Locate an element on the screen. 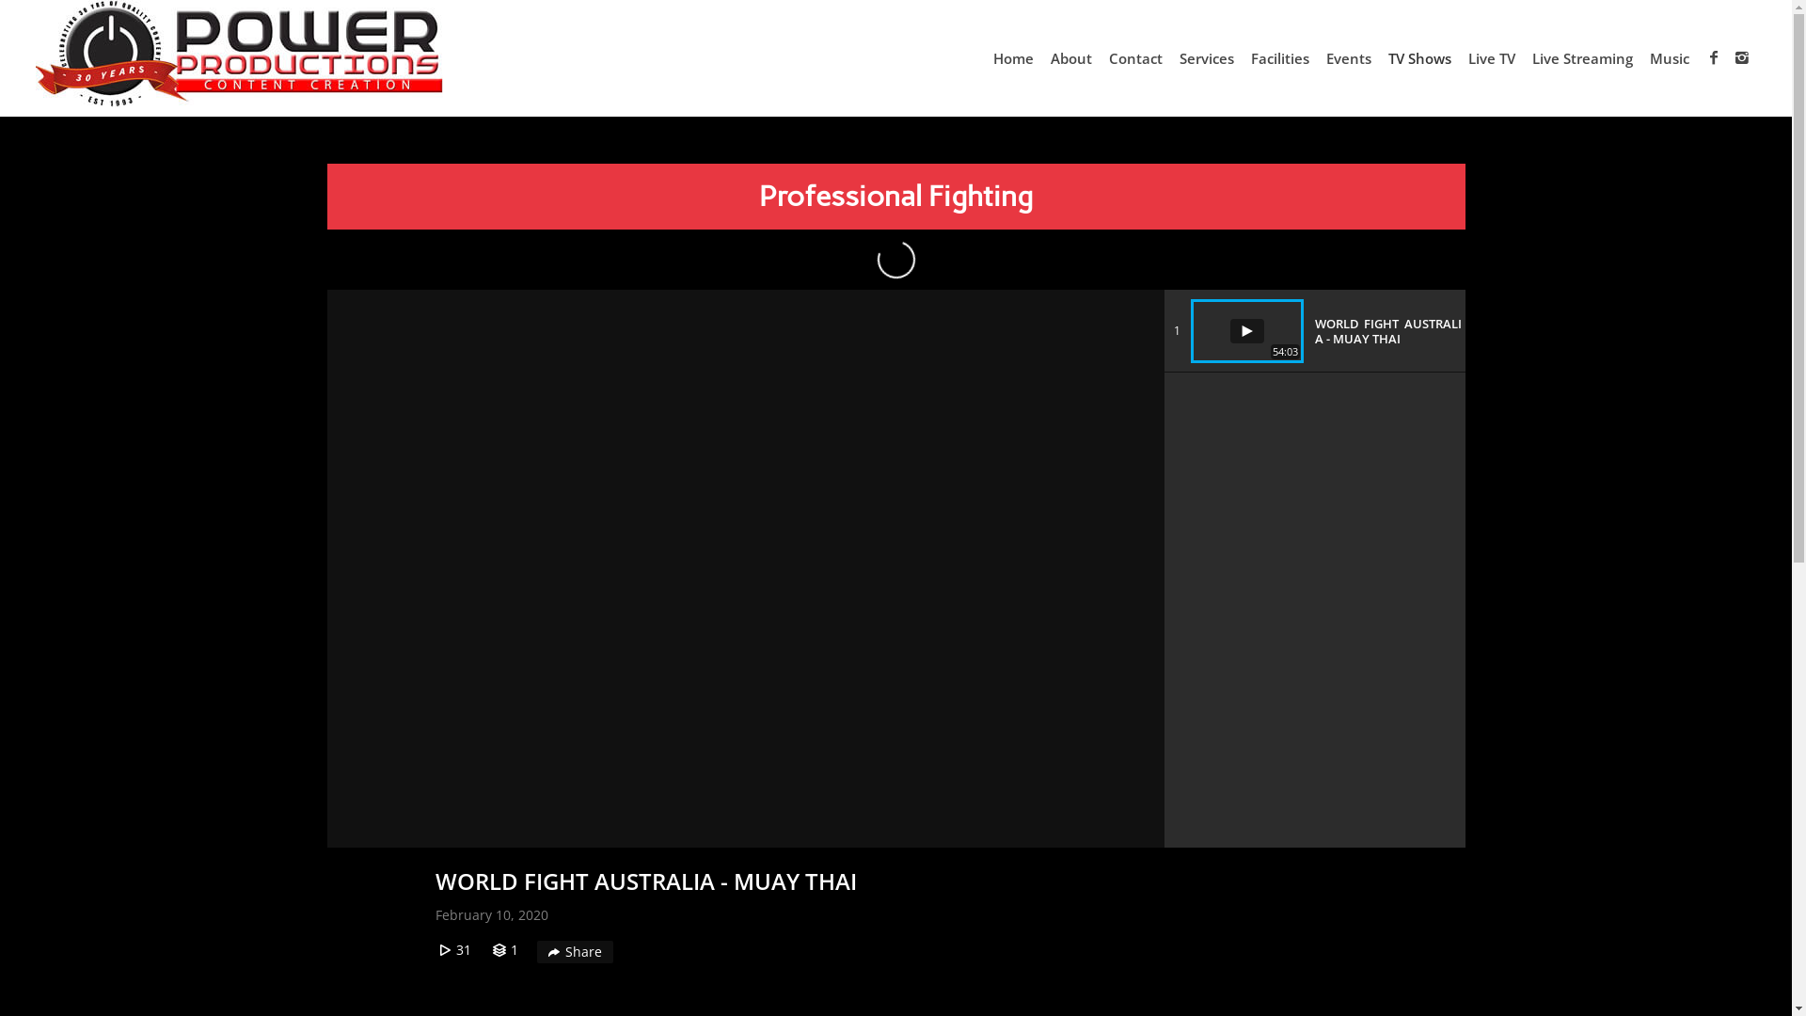 The height and width of the screenshot is (1016, 1806). 'Instagram' is located at coordinates (1741, 56).